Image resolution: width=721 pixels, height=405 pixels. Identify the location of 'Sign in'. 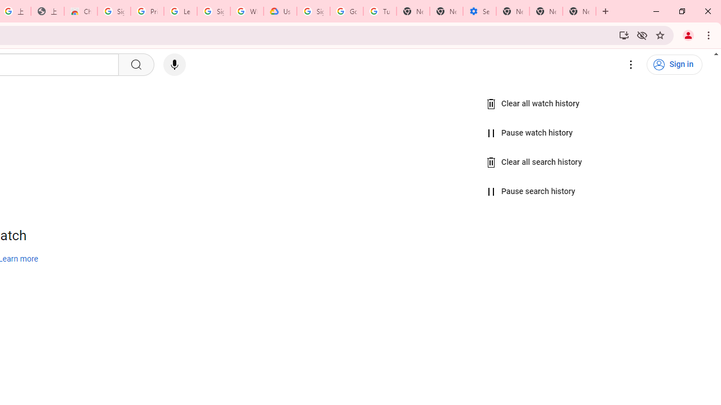
(674, 65).